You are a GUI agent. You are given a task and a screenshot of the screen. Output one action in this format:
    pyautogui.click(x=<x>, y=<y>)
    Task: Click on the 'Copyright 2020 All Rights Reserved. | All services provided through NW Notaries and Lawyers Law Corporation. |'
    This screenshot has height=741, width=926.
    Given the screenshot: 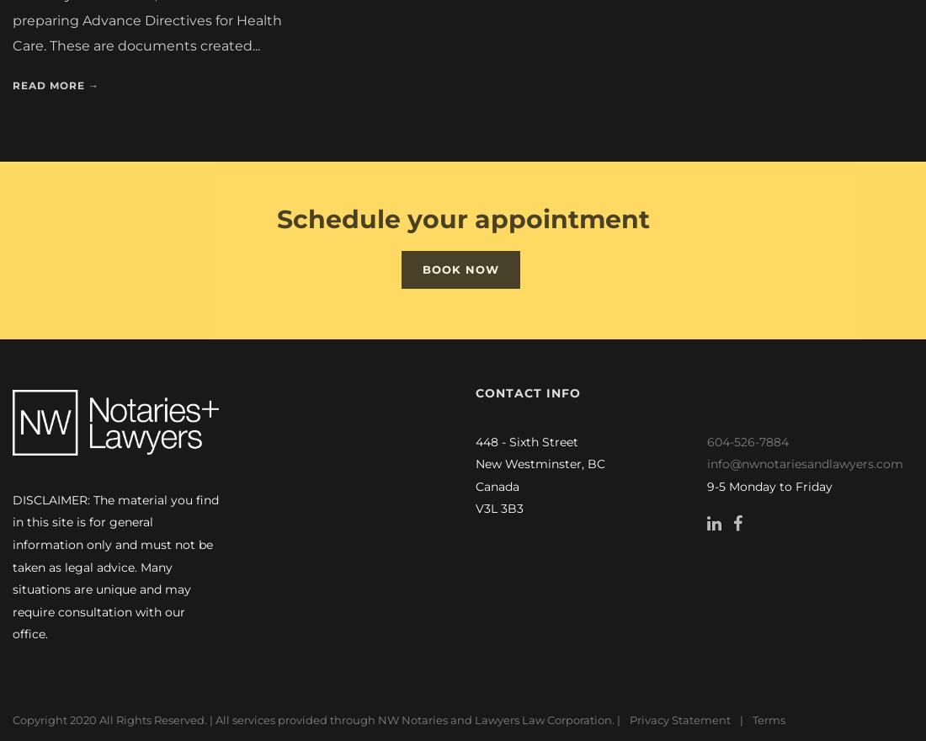 What is the action you would take?
    pyautogui.click(x=11, y=720)
    